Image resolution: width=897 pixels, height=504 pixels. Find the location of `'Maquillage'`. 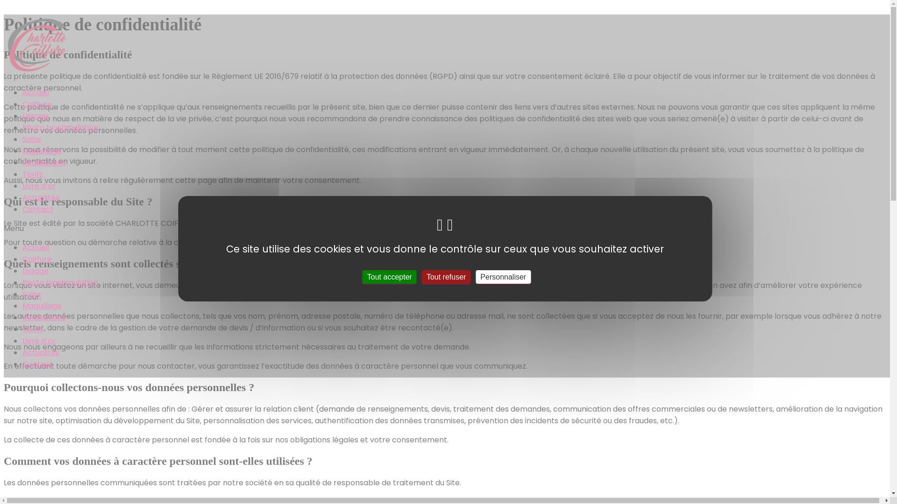

'Maquillage' is located at coordinates (42, 306).